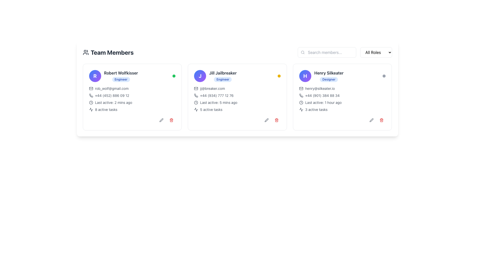 The height and width of the screenshot is (271, 482). Describe the element at coordinates (91, 109) in the screenshot. I see `the small, stylized line icon depicting an activity indicator, which is located to the left of the text '8 active tasks'` at that location.